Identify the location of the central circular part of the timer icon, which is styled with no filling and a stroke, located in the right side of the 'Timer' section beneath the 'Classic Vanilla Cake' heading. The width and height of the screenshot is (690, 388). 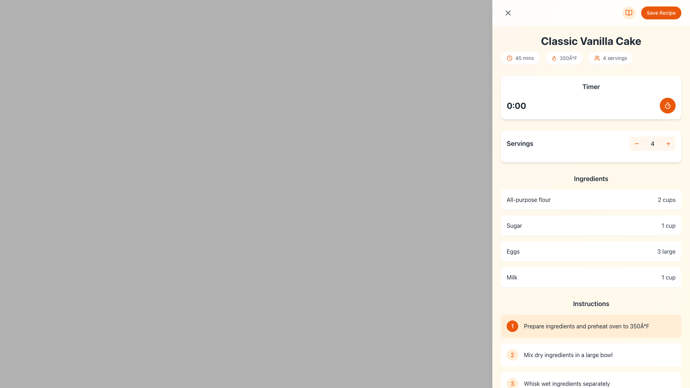
(667, 106).